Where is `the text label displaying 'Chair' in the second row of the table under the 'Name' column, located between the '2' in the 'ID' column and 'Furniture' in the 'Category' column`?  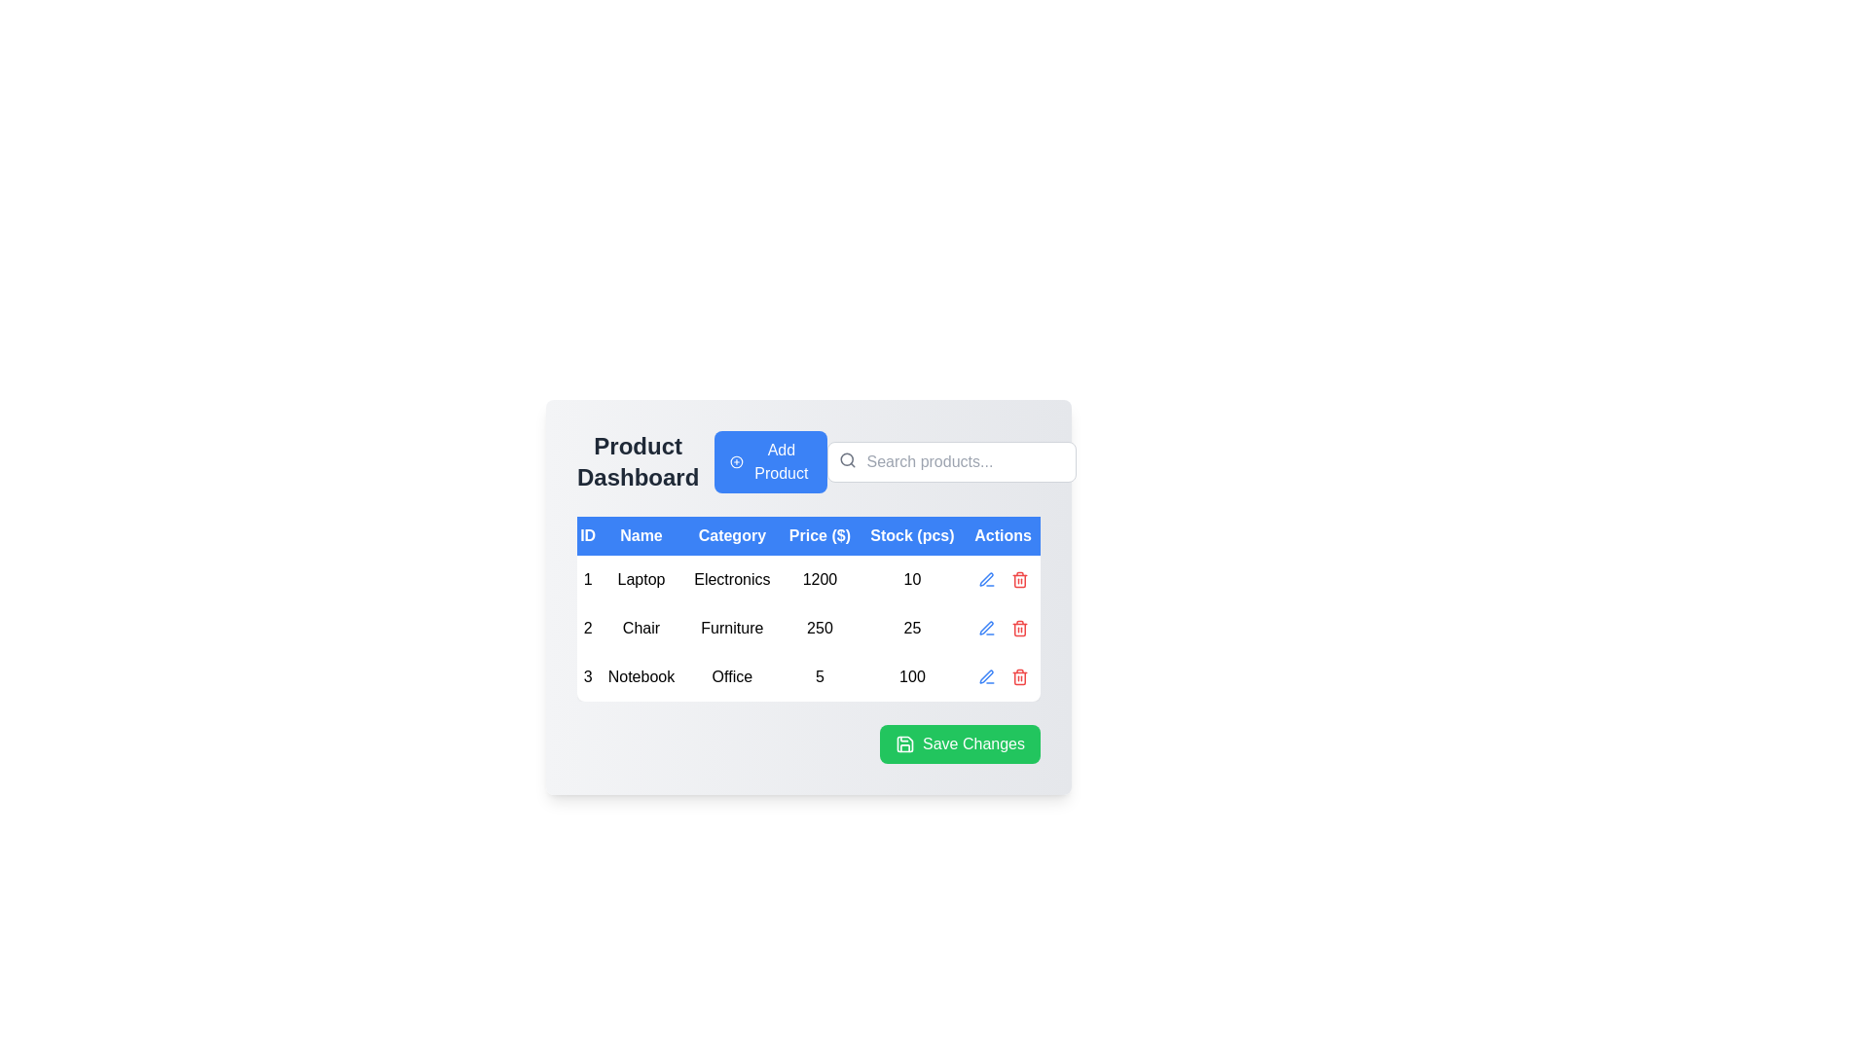
the text label displaying 'Chair' in the second row of the table under the 'Name' column, located between the '2' in the 'ID' column and 'Furniture' in the 'Category' column is located at coordinates (641, 628).